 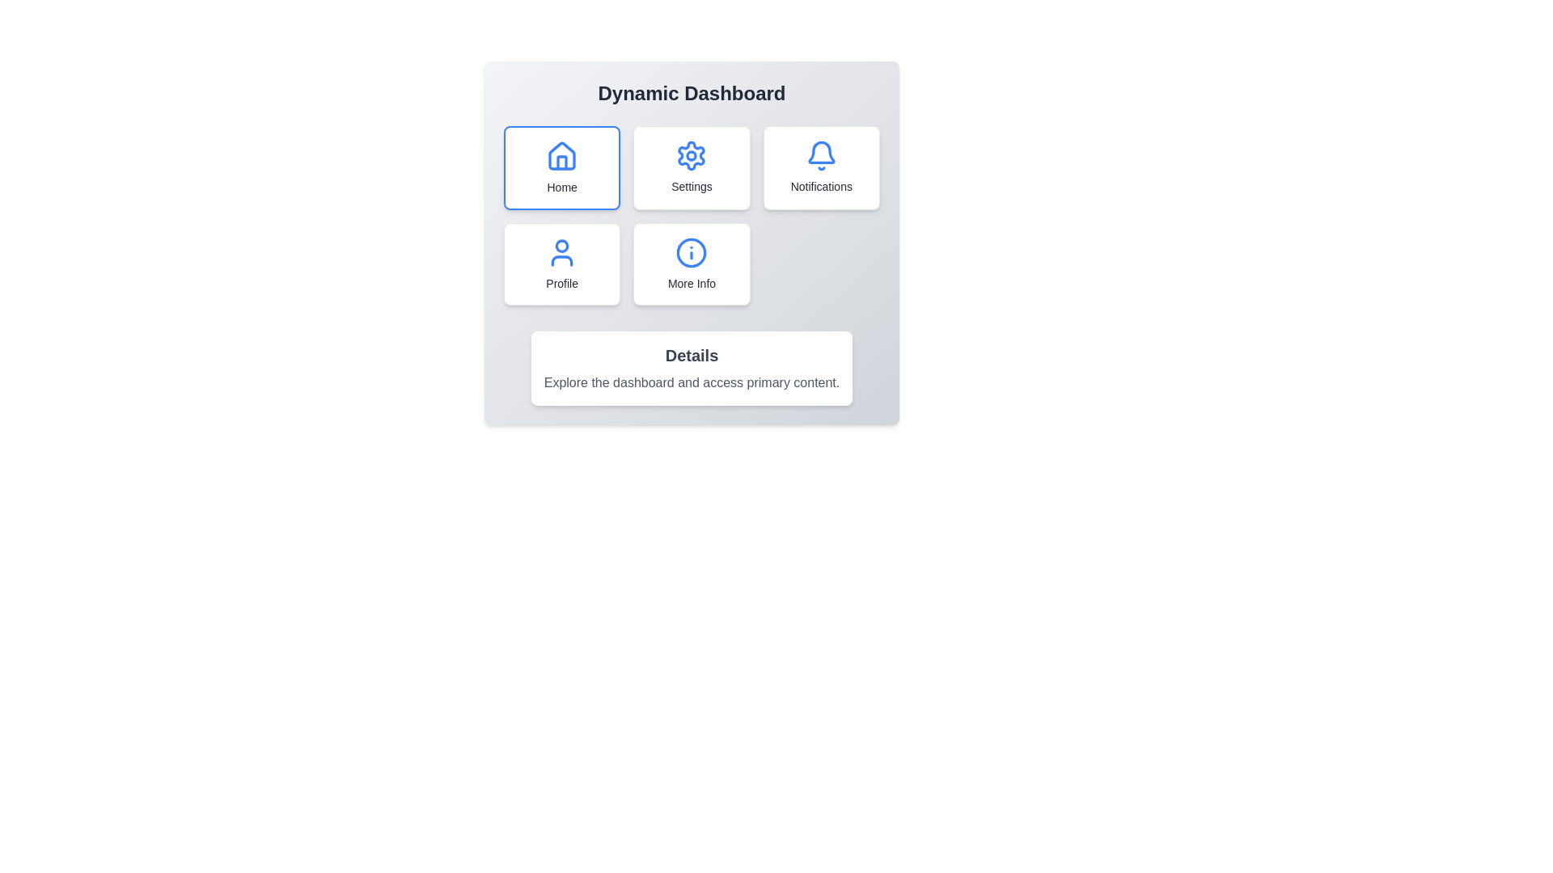 I want to click on the 'Settings' button, which is a rectangular card with a white background, rounded corners, a blue gear icon at the top center, and the text 'Settings' below it, so click(x=692, y=168).